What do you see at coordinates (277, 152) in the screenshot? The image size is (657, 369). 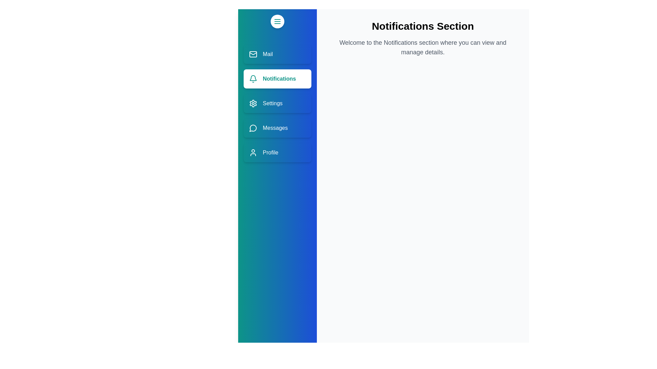 I see `the section Profile from the sidebar` at bounding box center [277, 152].